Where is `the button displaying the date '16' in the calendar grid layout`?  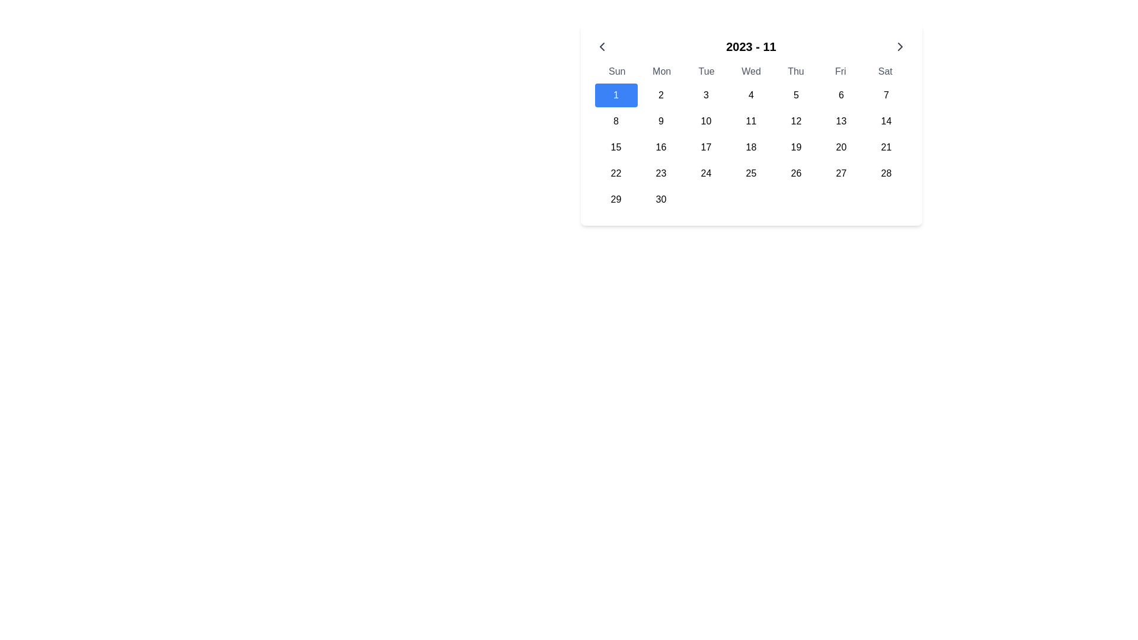
the button displaying the date '16' in the calendar grid layout is located at coordinates (660, 147).